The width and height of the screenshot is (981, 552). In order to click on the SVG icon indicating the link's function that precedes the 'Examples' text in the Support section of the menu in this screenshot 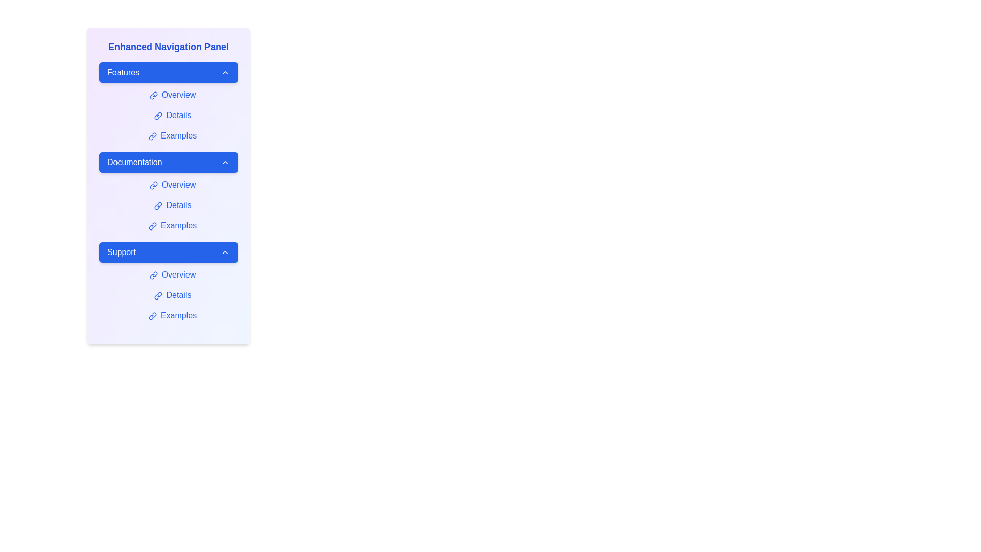, I will do `click(152, 315)`.